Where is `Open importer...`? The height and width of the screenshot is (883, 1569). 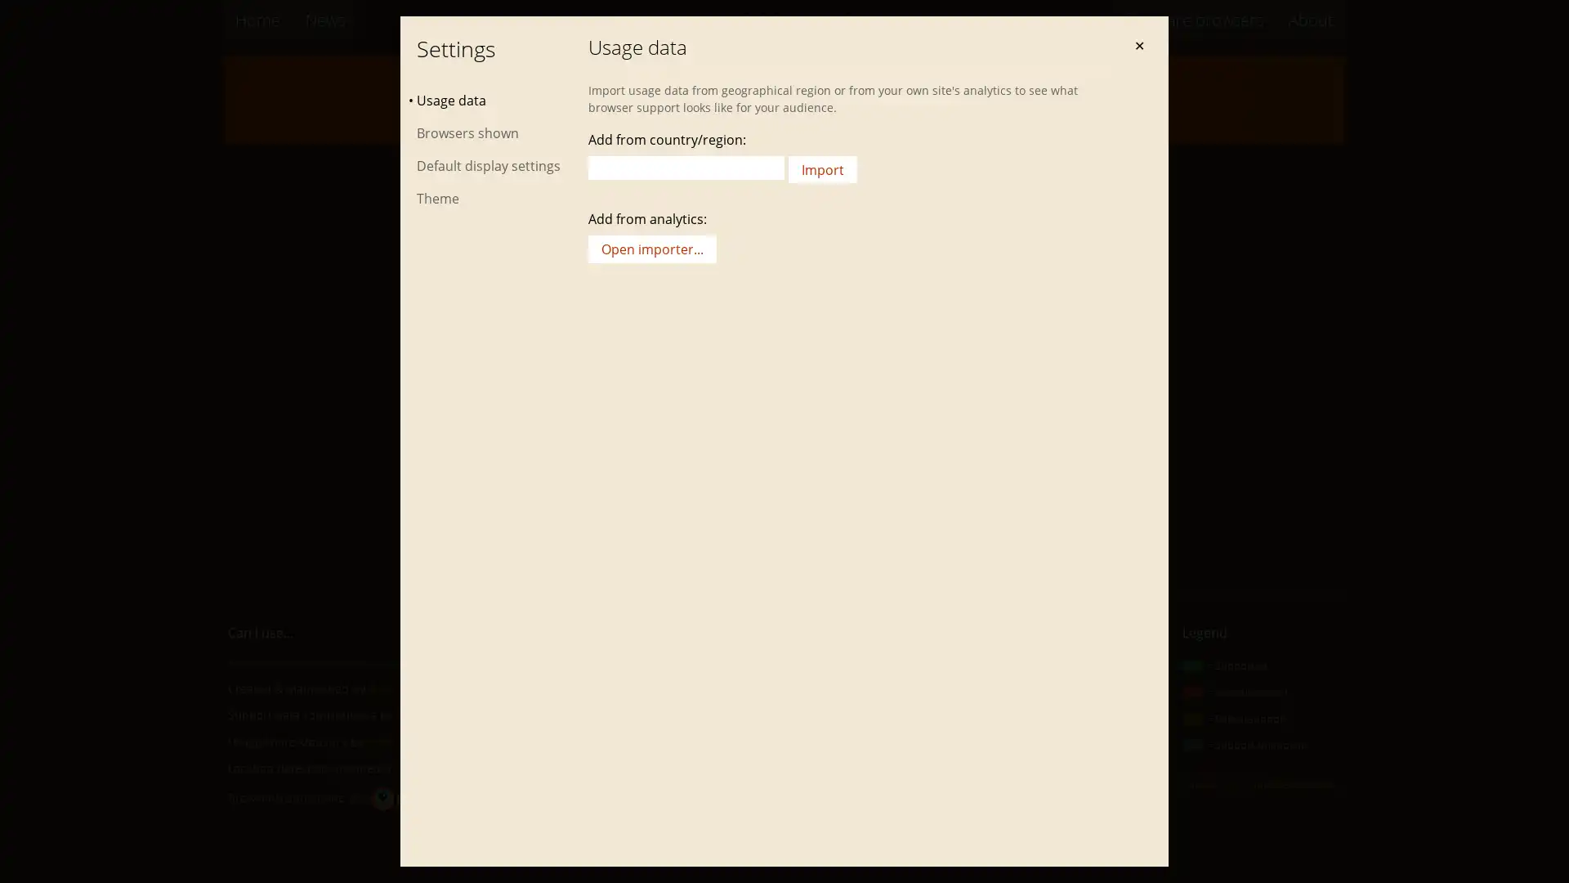 Open importer... is located at coordinates (651, 249).